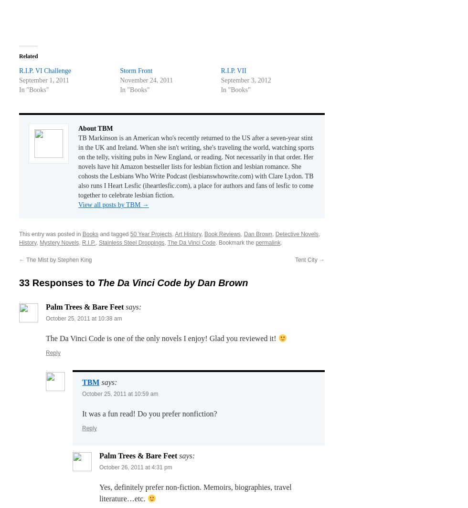 The width and height of the screenshot is (468, 508). What do you see at coordinates (257, 233) in the screenshot?
I see `'Dan Brown'` at bounding box center [257, 233].